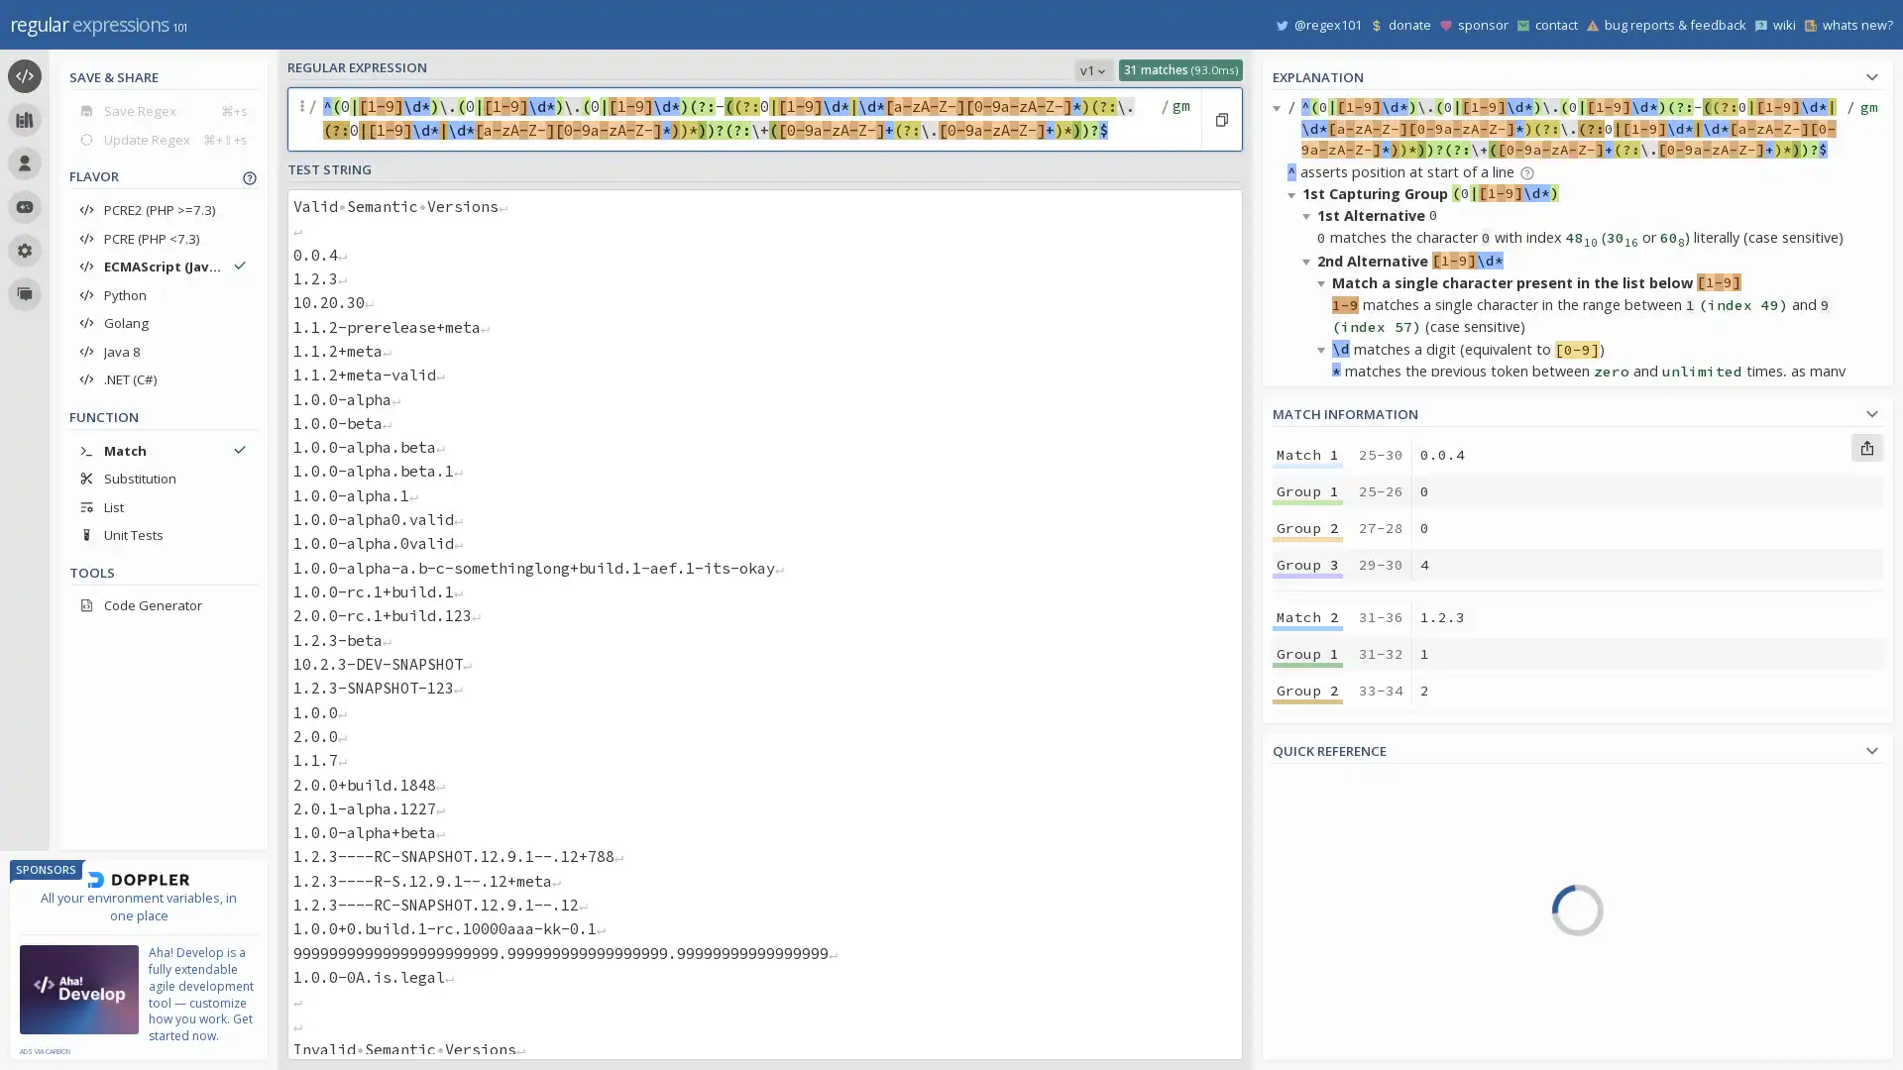 The height and width of the screenshot is (1070, 1903). What do you see at coordinates (1307, 565) in the screenshot?
I see `Group 3` at bounding box center [1307, 565].